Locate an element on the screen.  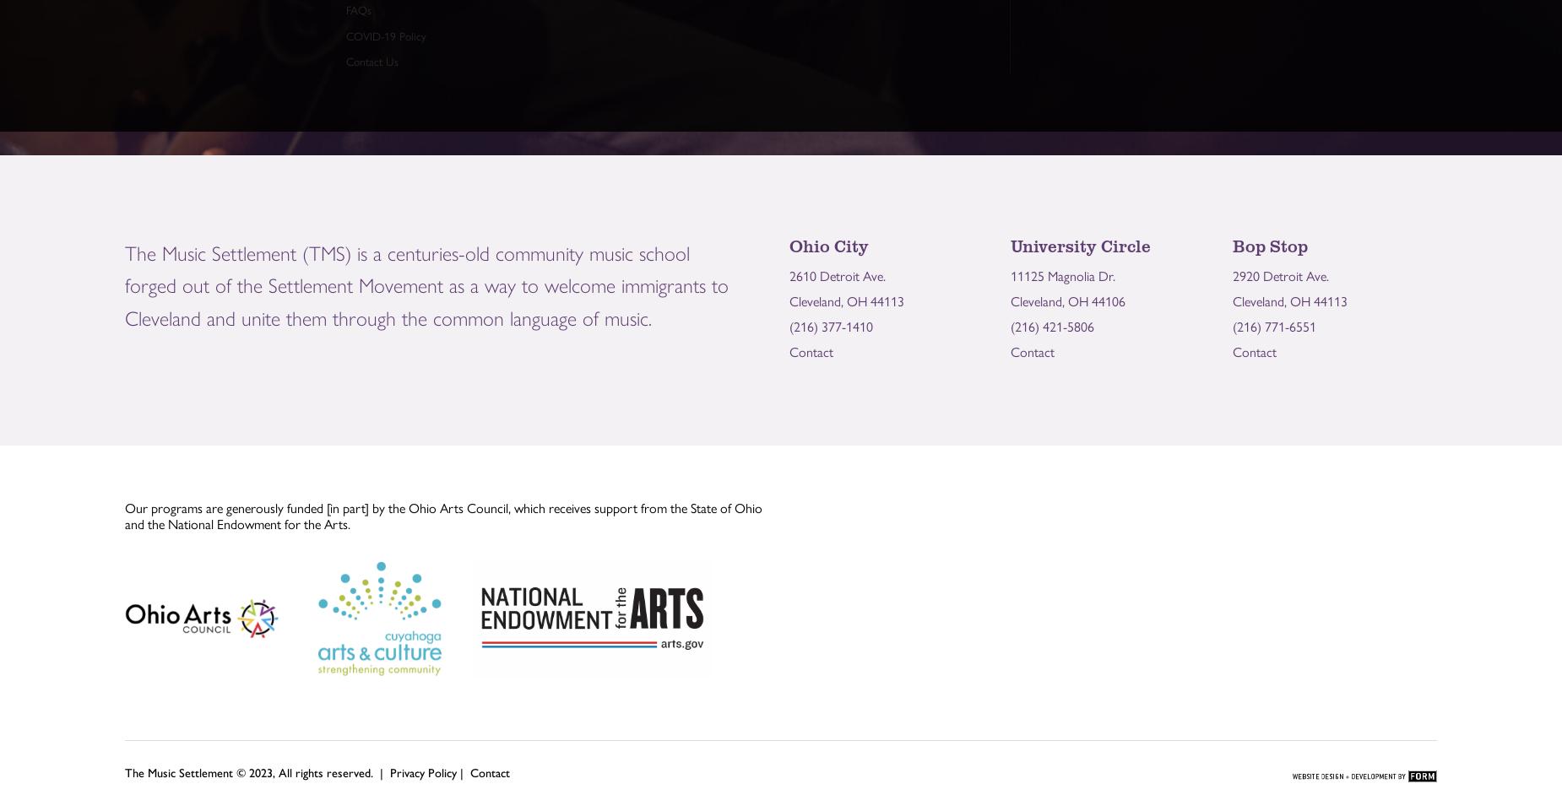
'The Music Settlement (TMS) is a centuries-old community music school forged out of the Settlement Movement as a way to welcome immigrants to Cleveland and unite them through the common language of music.' is located at coordinates (124, 283).